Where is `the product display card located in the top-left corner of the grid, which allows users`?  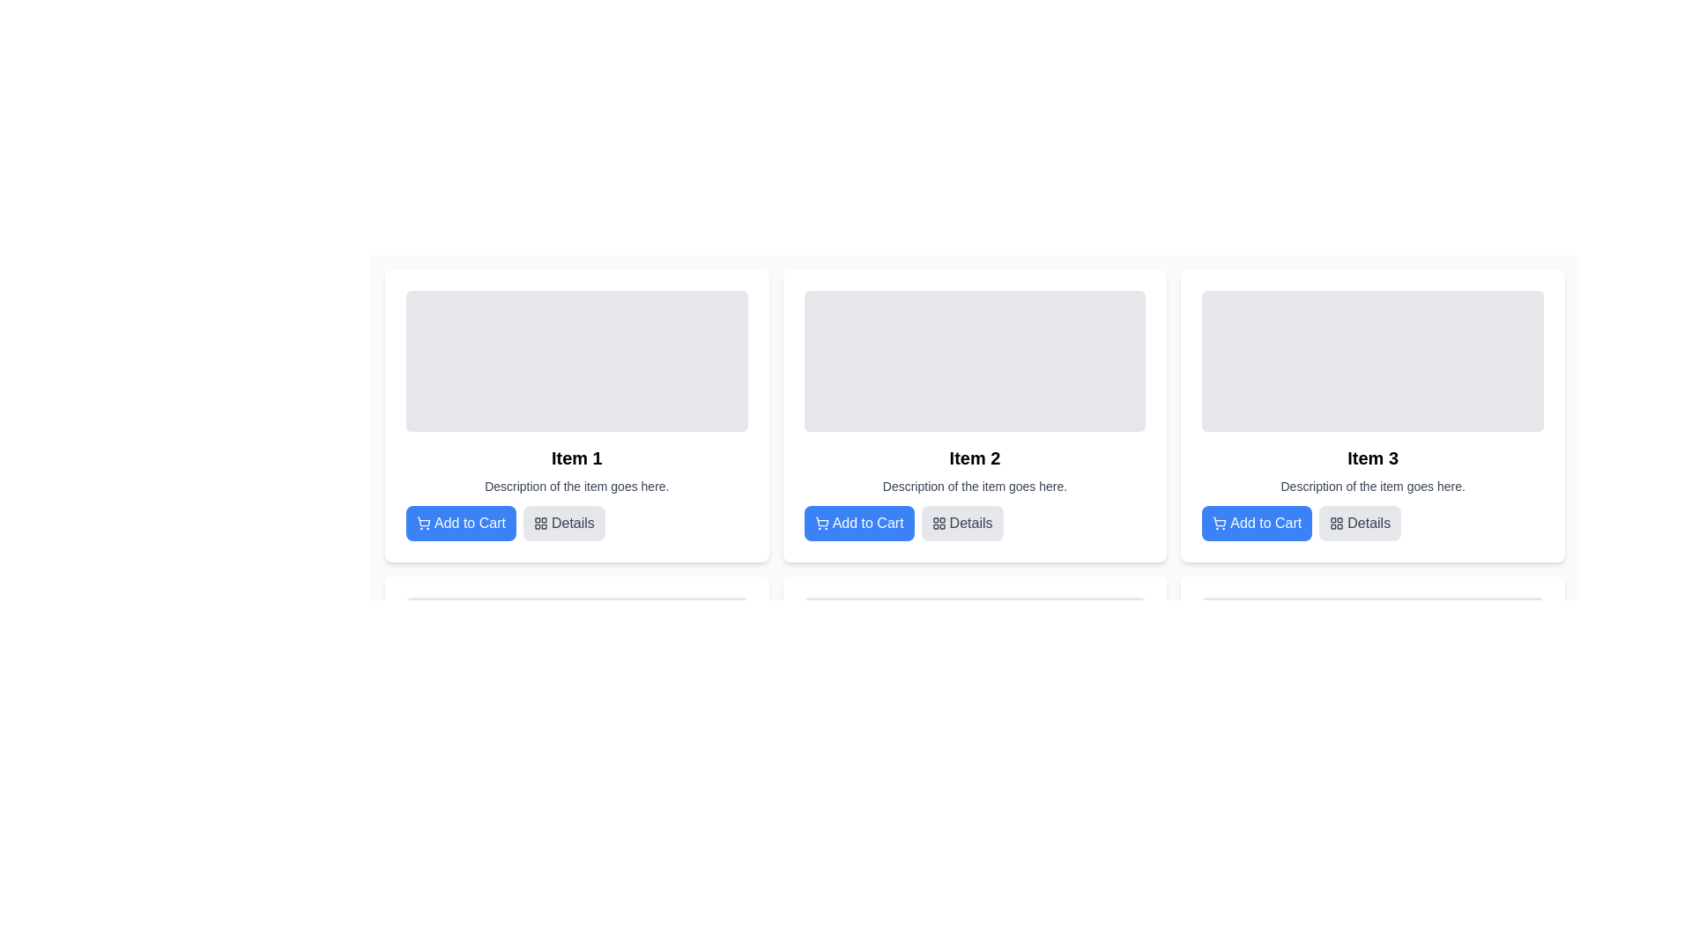 the product display card located in the top-left corner of the grid, which allows users is located at coordinates (576, 415).